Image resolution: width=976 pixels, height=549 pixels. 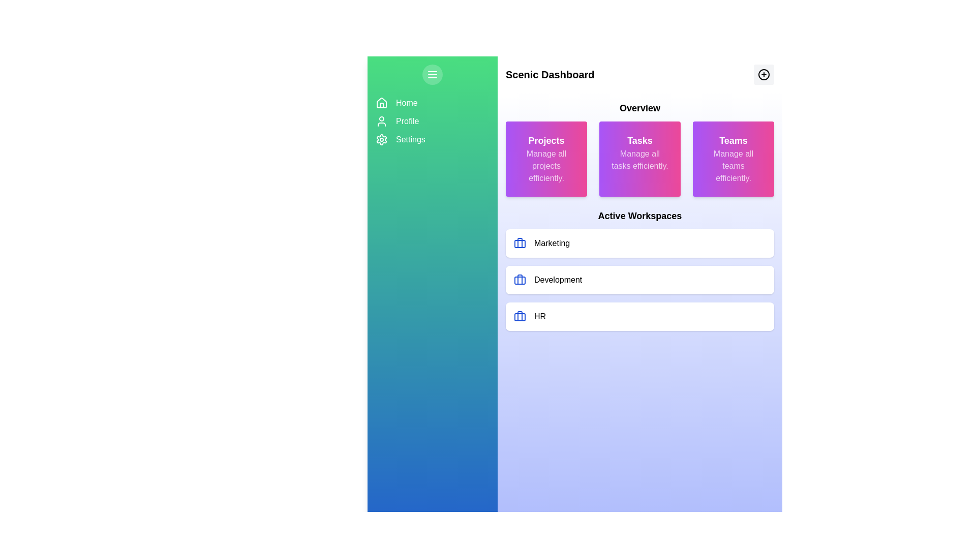 What do you see at coordinates (520, 243) in the screenshot?
I see `the blue briefcase icon located to the left of the 'Marketing' text in the 'Active Workspaces' section` at bounding box center [520, 243].